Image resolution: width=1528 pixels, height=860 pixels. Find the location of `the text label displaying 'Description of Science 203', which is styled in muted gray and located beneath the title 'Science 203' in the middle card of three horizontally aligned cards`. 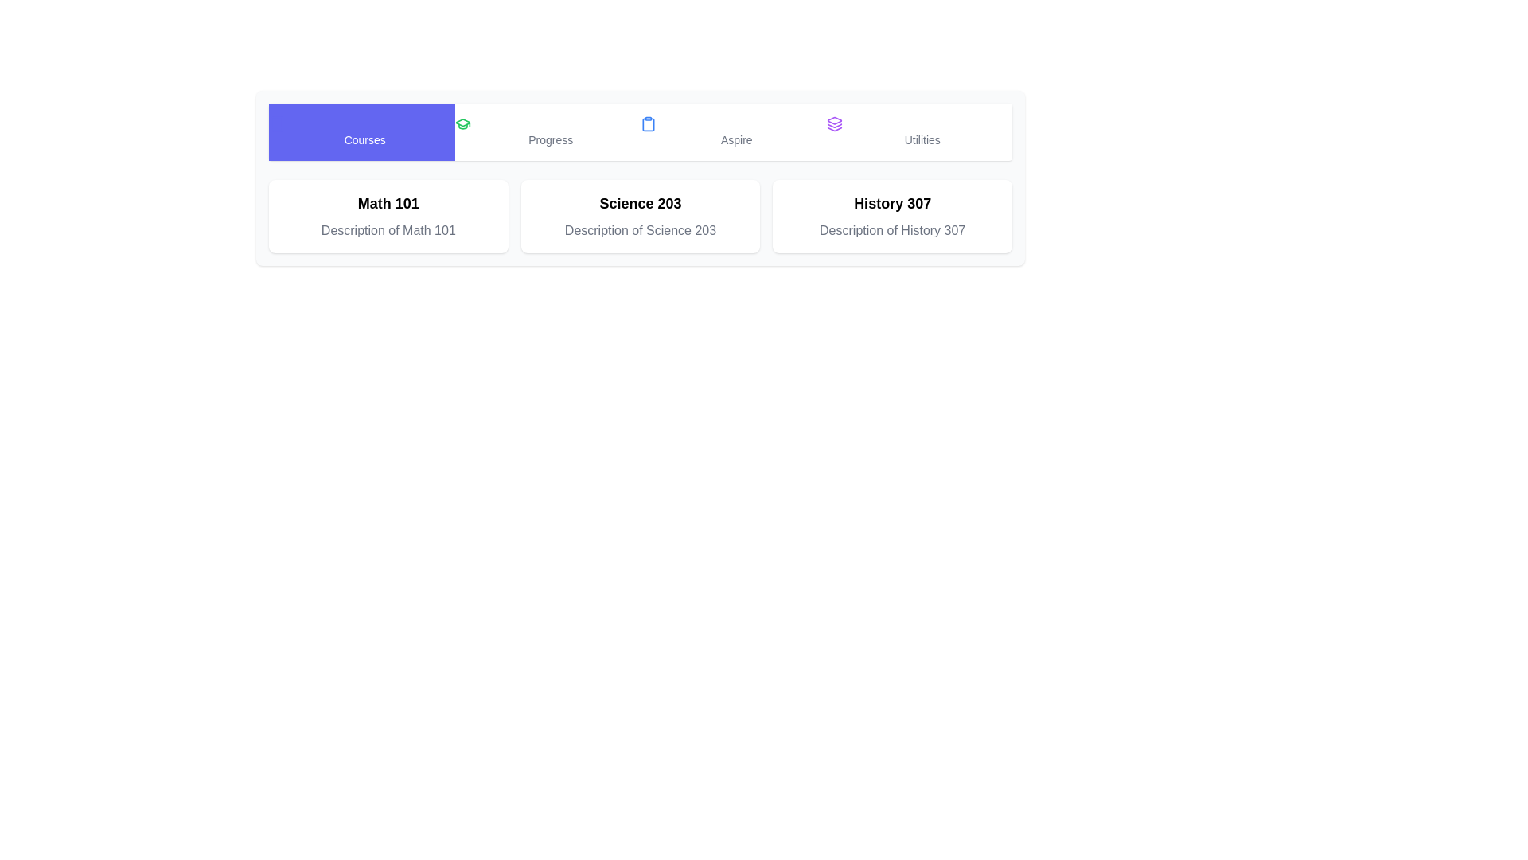

the text label displaying 'Description of Science 203', which is styled in muted gray and located beneath the title 'Science 203' in the middle card of three horizontally aligned cards is located at coordinates (641, 230).